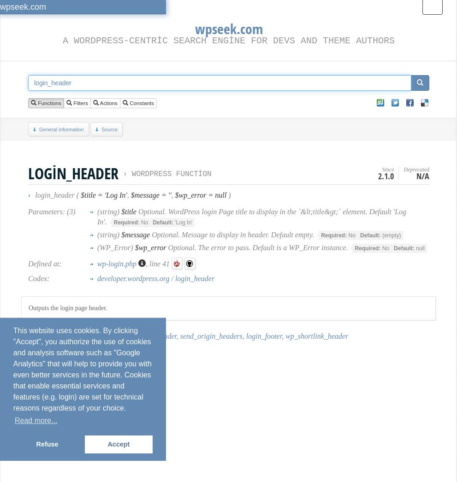  Describe the element at coordinates (60, 129) in the screenshot. I see `'General information'` at that location.